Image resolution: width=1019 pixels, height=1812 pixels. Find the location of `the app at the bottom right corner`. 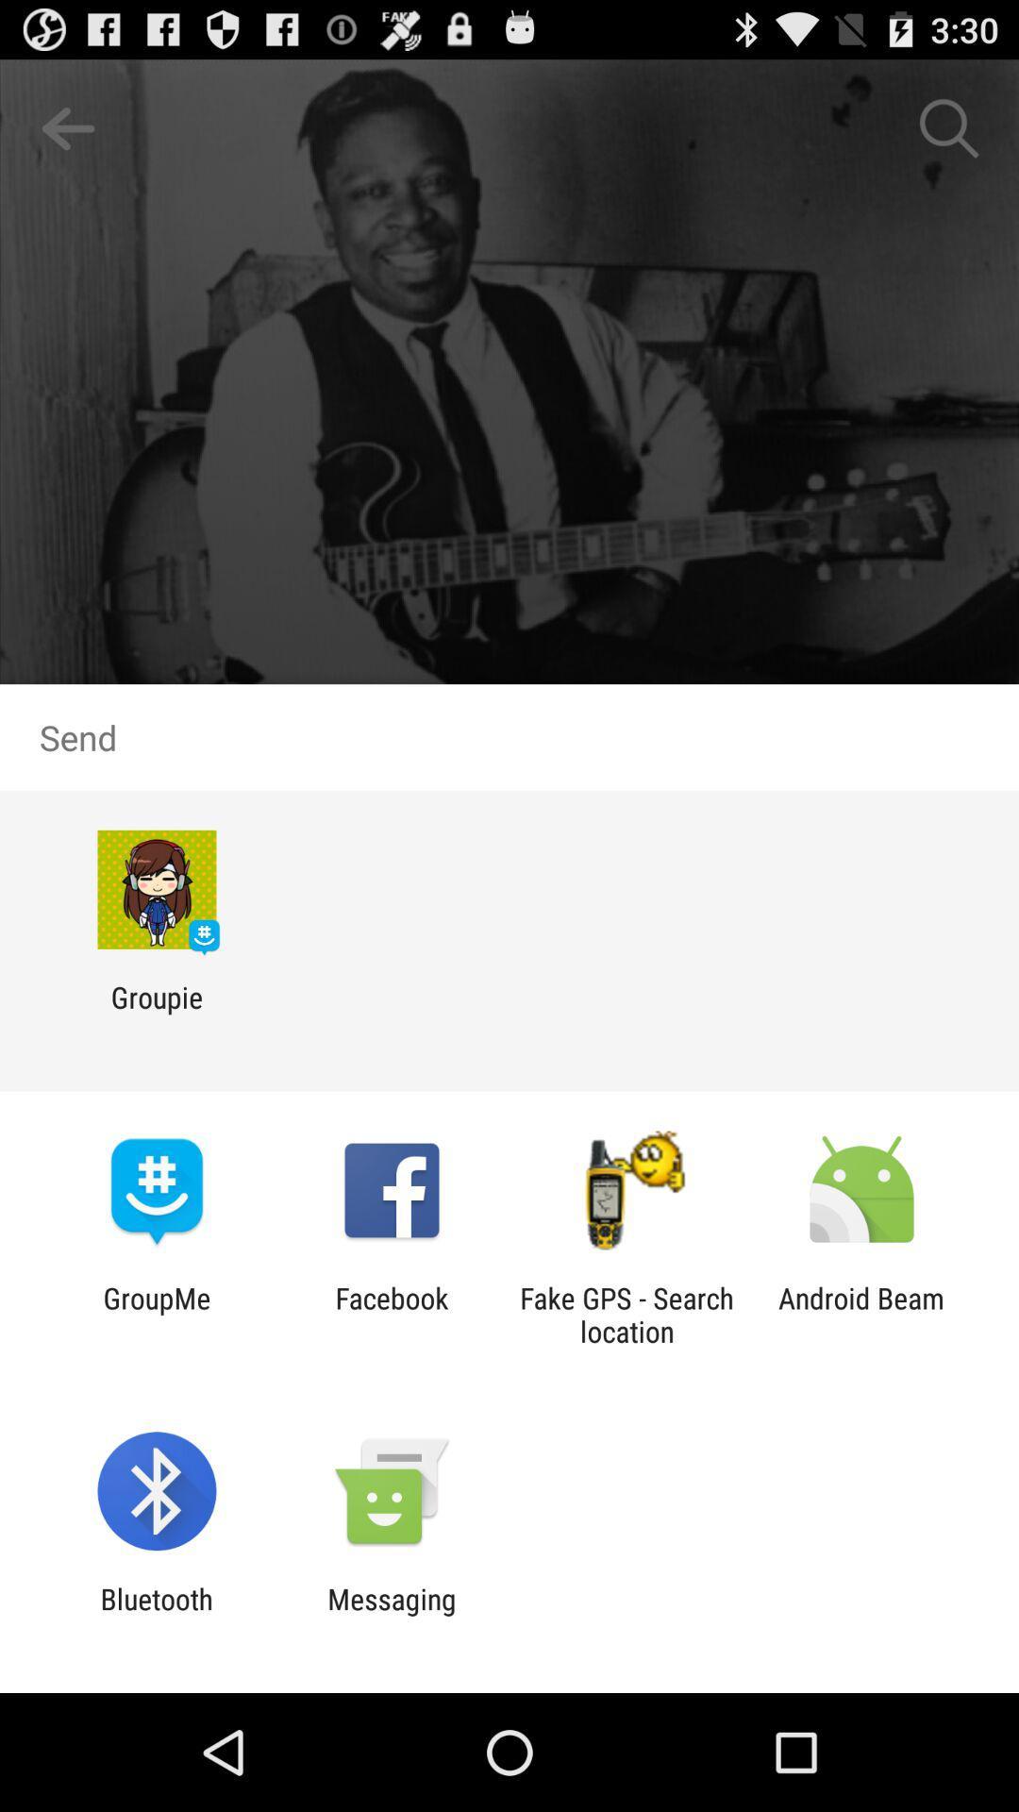

the app at the bottom right corner is located at coordinates (861, 1314).